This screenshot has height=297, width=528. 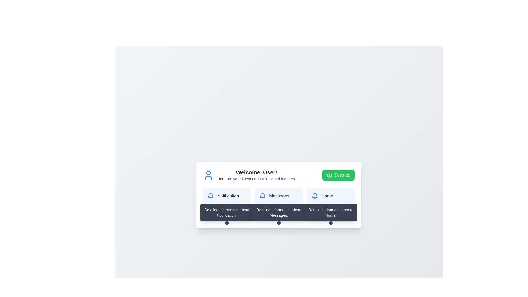 I want to click on the user profile icon, which is a blue graphical icon resembling a person's profile outline, located on the left side of the header section, adjacent to the 'Settings' green button, so click(x=208, y=175).